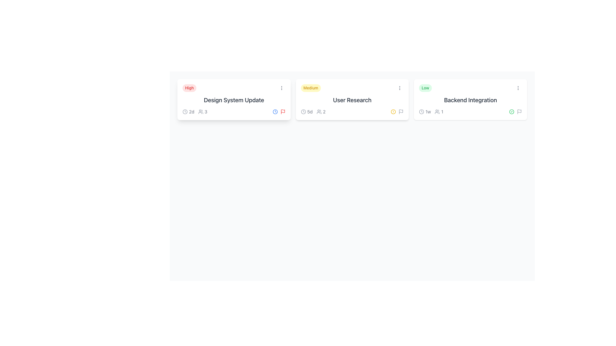  Describe the element at coordinates (518, 88) in the screenshot. I see `the icon button consisting of three vertically aligned grey dots, located in the top right corner of the 'Backend Integration' card` at that location.